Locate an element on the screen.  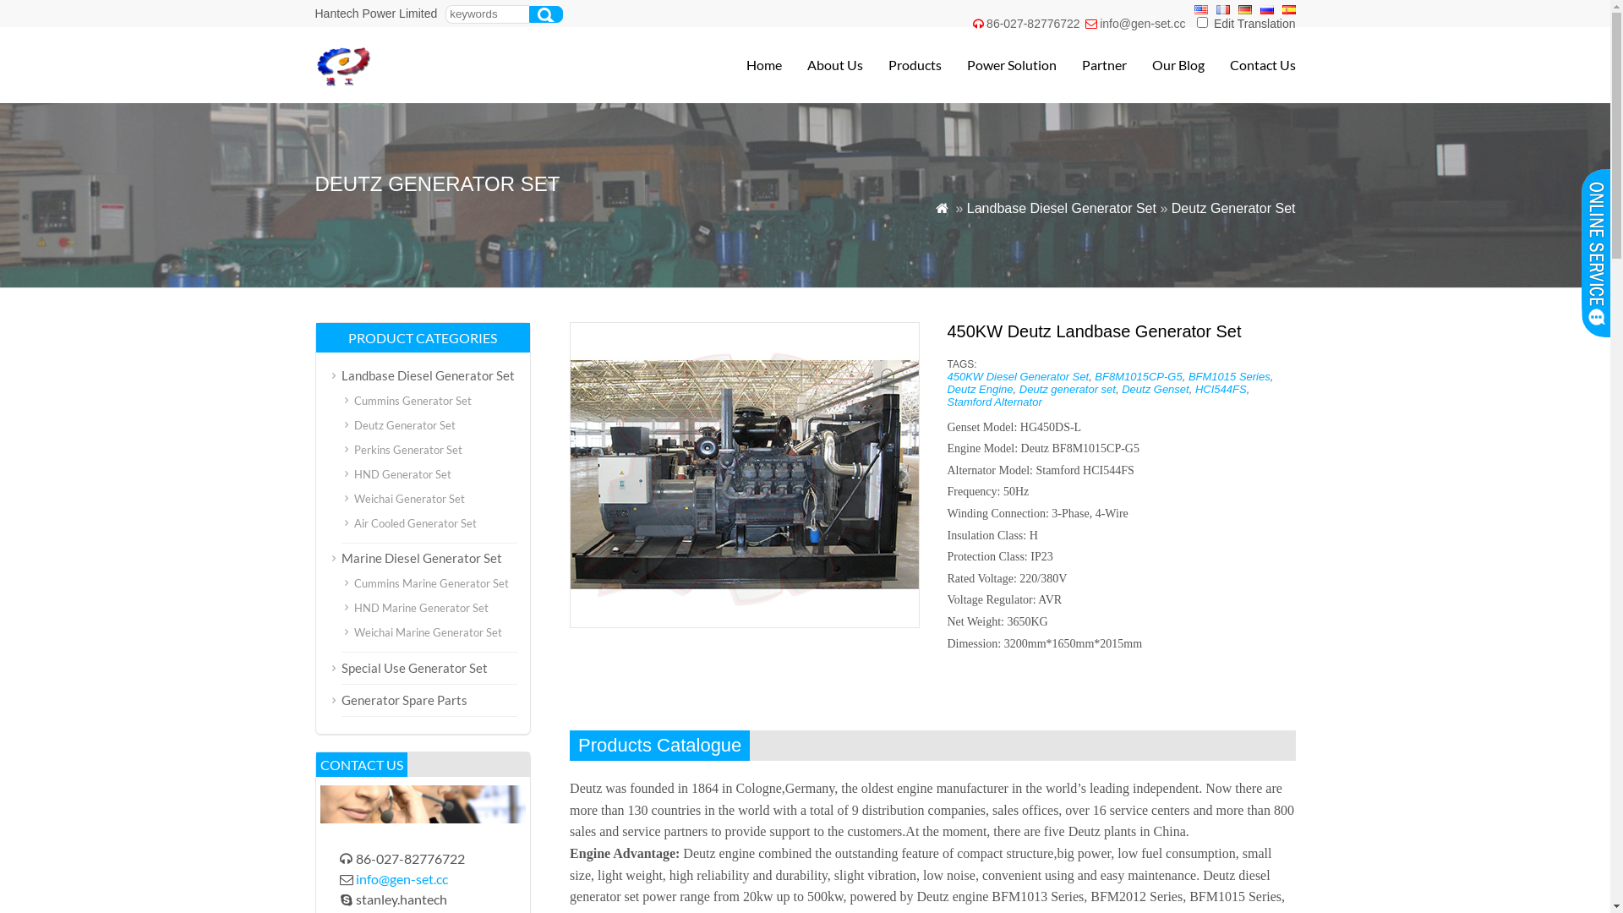
'450KW Diesel Generator Set' is located at coordinates (1017, 375).